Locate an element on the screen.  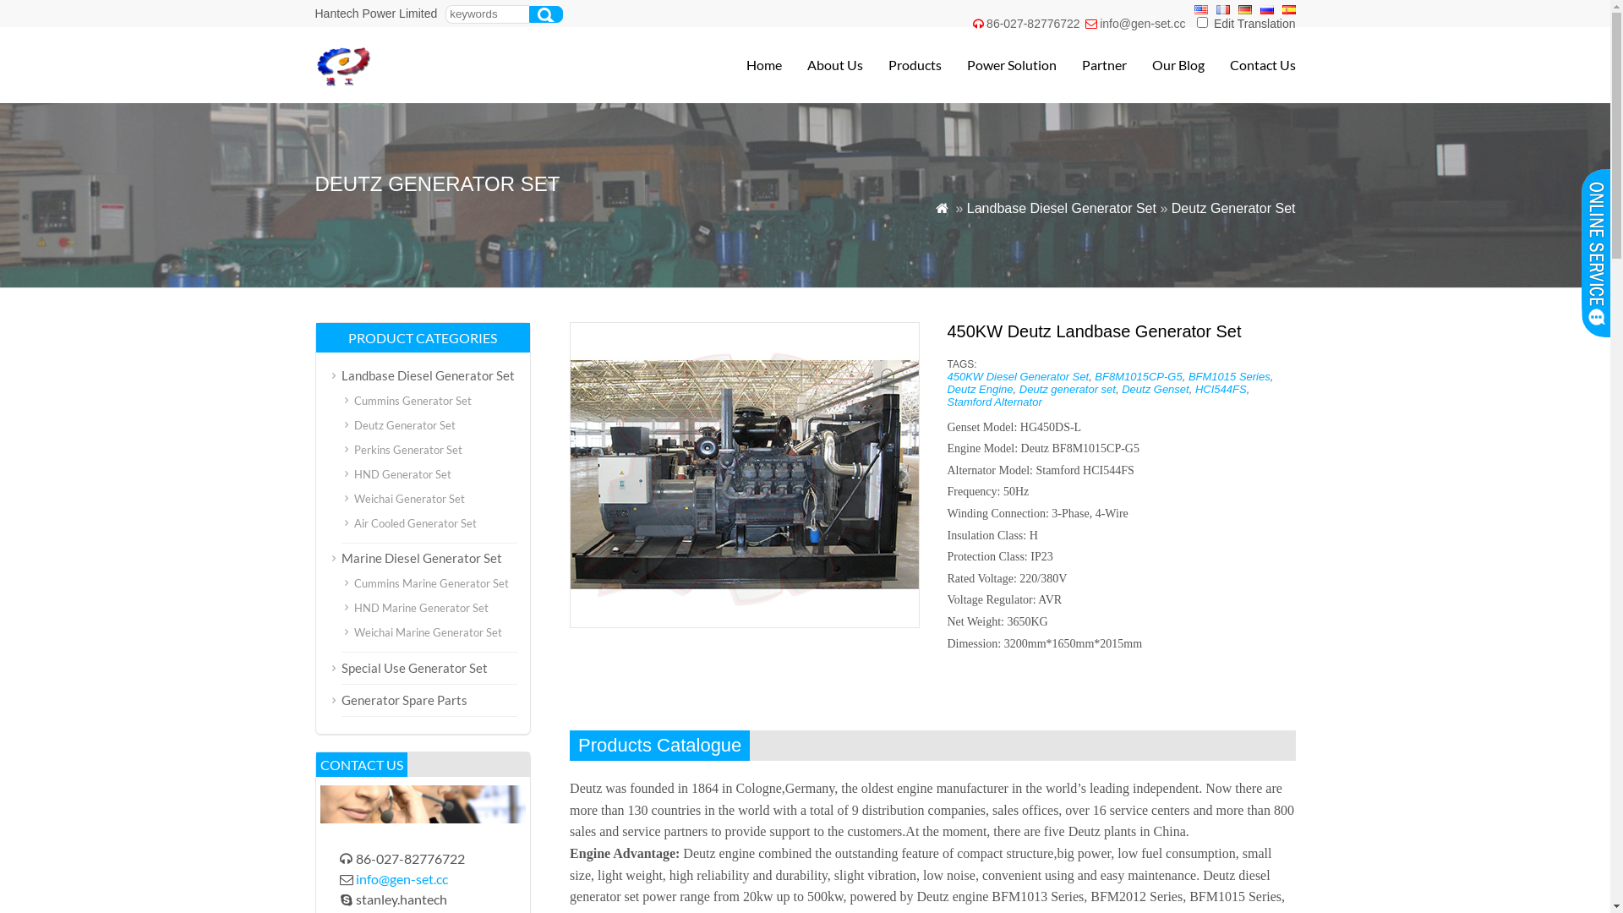
'450KW Diesel Generator Set' is located at coordinates (1017, 375).